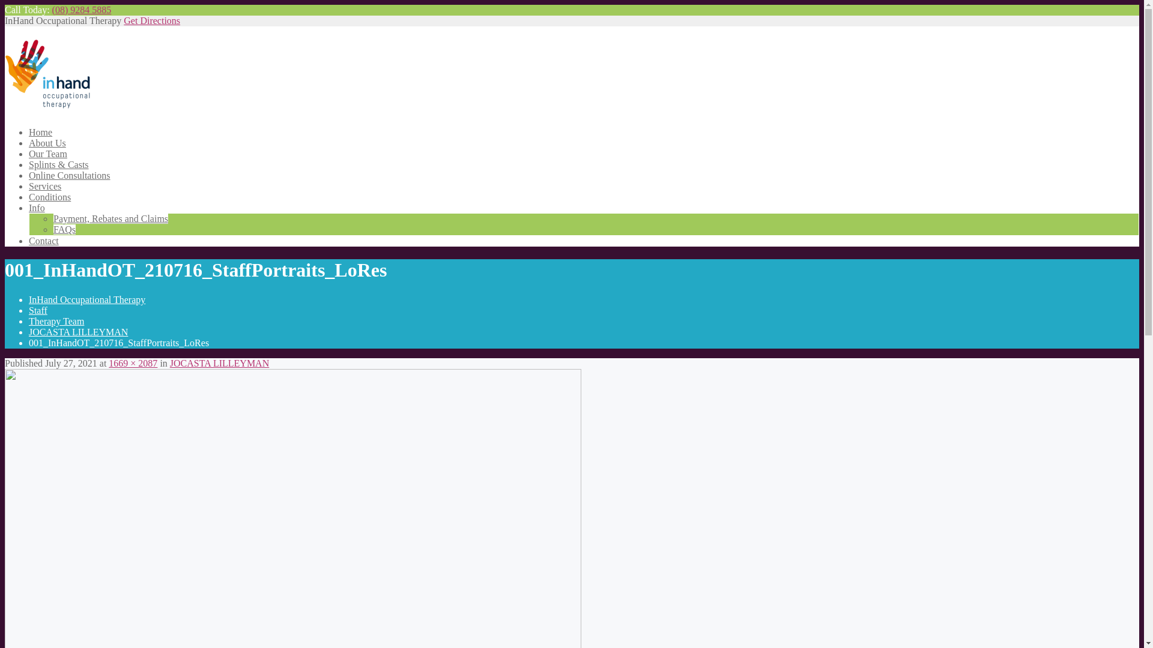  What do you see at coordinates (219, 362) in the screenshot?
I see `'JOCASTA LILLEYMAN'` at bounding box center [219, 362].